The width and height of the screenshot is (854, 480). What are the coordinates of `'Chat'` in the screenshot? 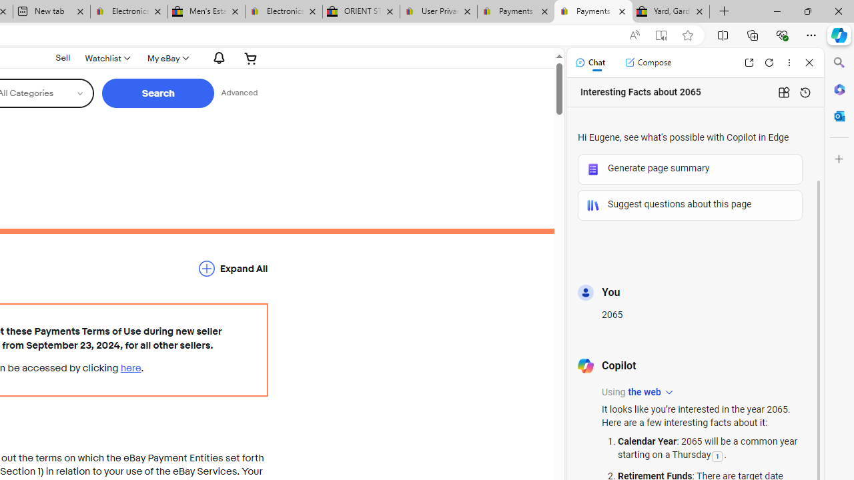 It's located at (589, 62).